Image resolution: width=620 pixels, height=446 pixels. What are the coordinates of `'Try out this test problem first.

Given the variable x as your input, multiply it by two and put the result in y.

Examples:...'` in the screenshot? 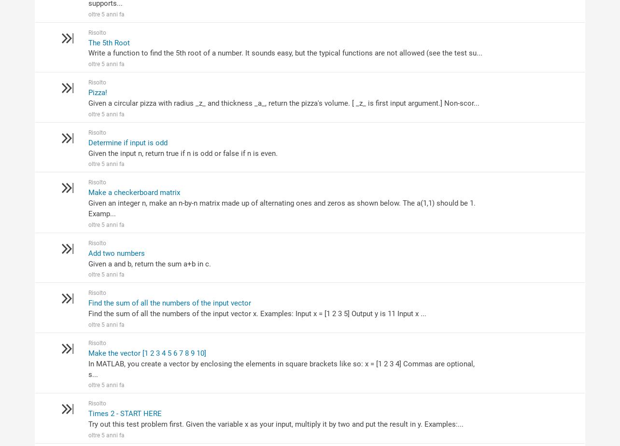 It's located at (87, 424).